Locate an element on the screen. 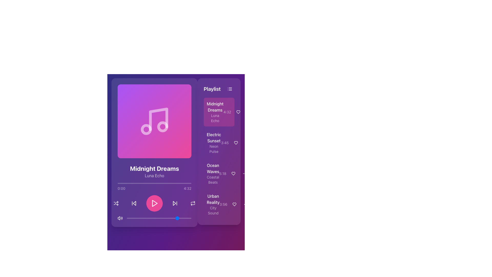 The image size is (492, 277). the heart icon button located to the right of the 'Midnight Dreams' playlist item to favorite or unfavorite the associated song is located at coordinates (238, 112).